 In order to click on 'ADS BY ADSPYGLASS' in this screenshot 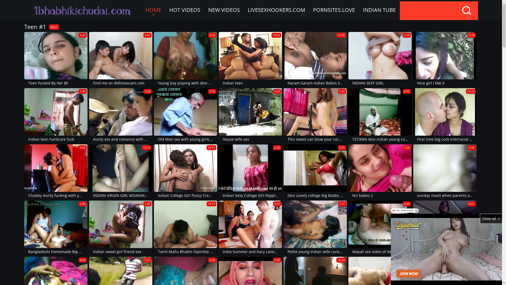, I will do `click(391, 210)`.